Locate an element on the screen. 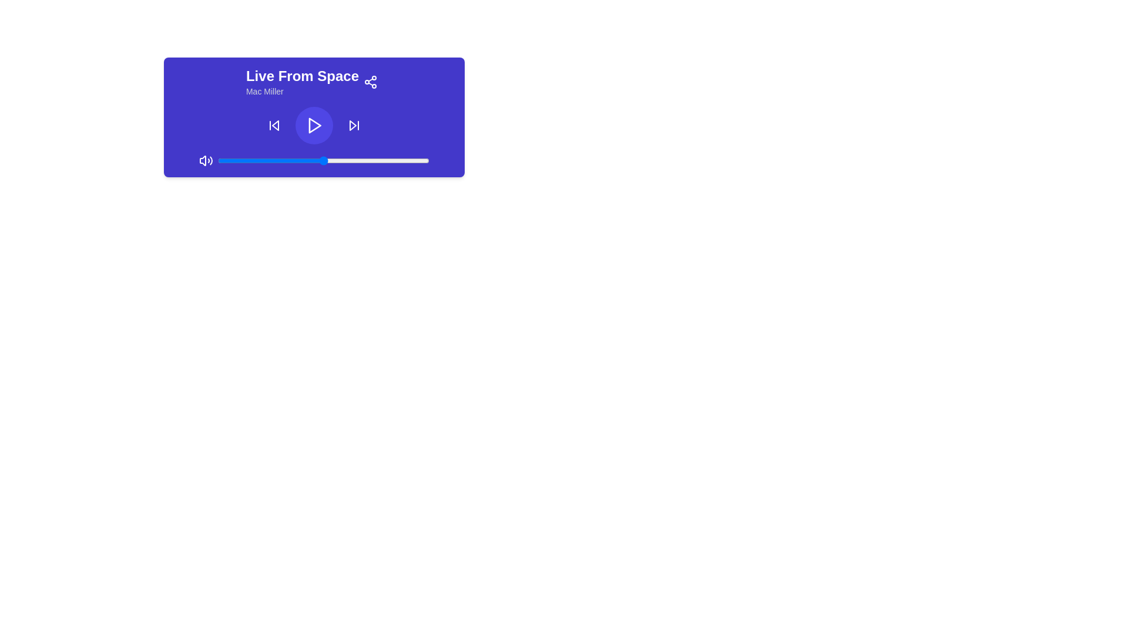 The width and height of the screenshot is (1128, 634). the 'Previous' button located as the leftmost interactive element in the media controls section is located at coordinates (273, 125).